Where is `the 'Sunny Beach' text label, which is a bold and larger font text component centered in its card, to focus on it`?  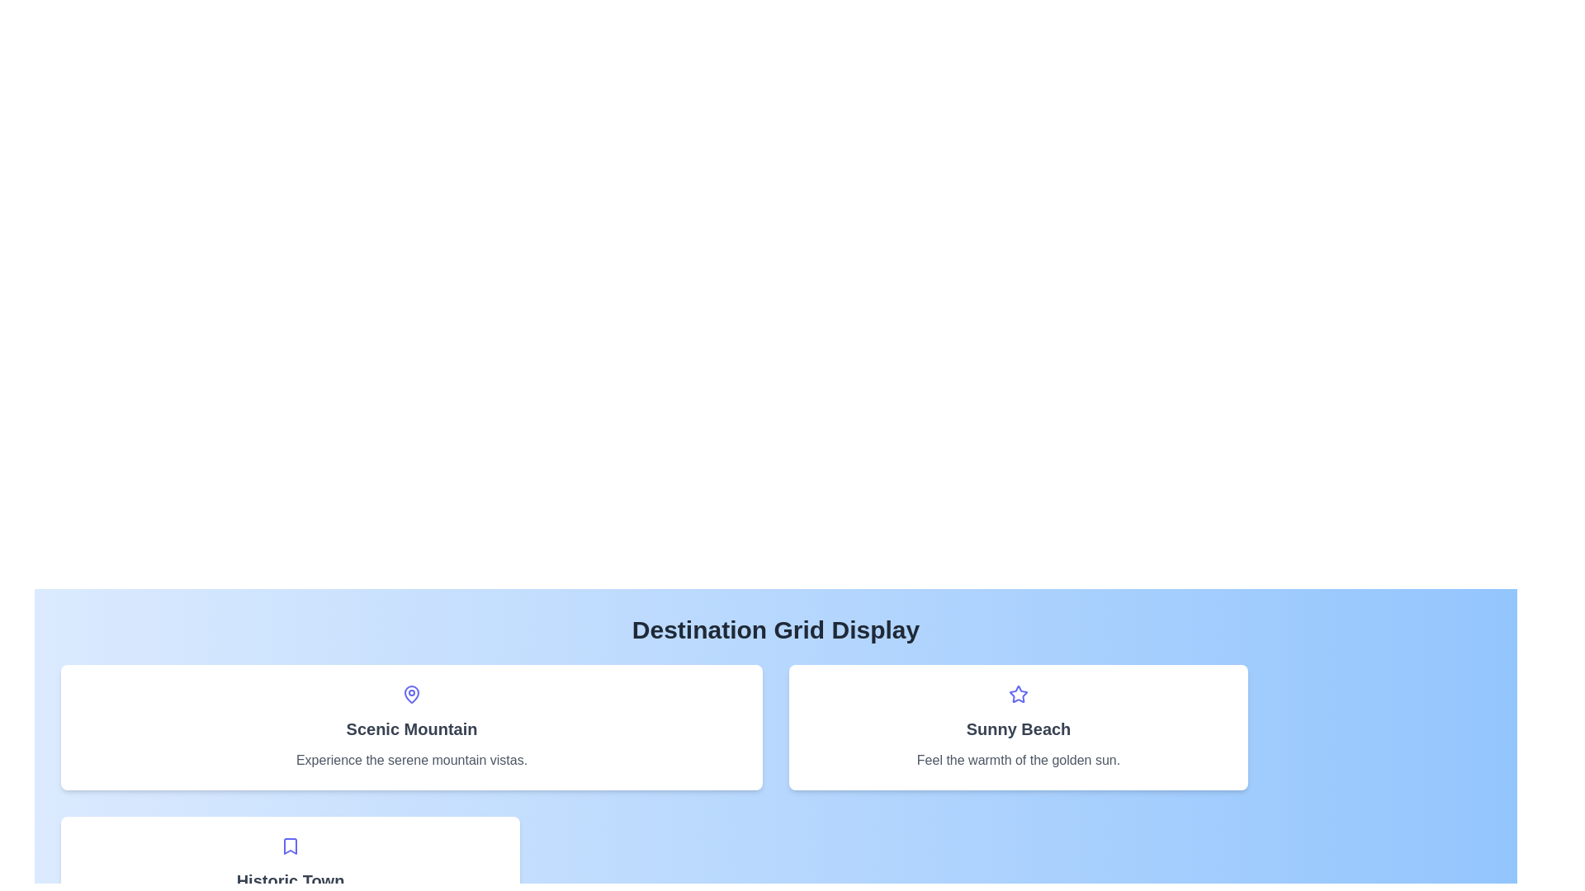
the 'Sunny Beach' text label, which is a bold and larger font text component centered in its card, to focus on it is located at coordinates (1017, 728).